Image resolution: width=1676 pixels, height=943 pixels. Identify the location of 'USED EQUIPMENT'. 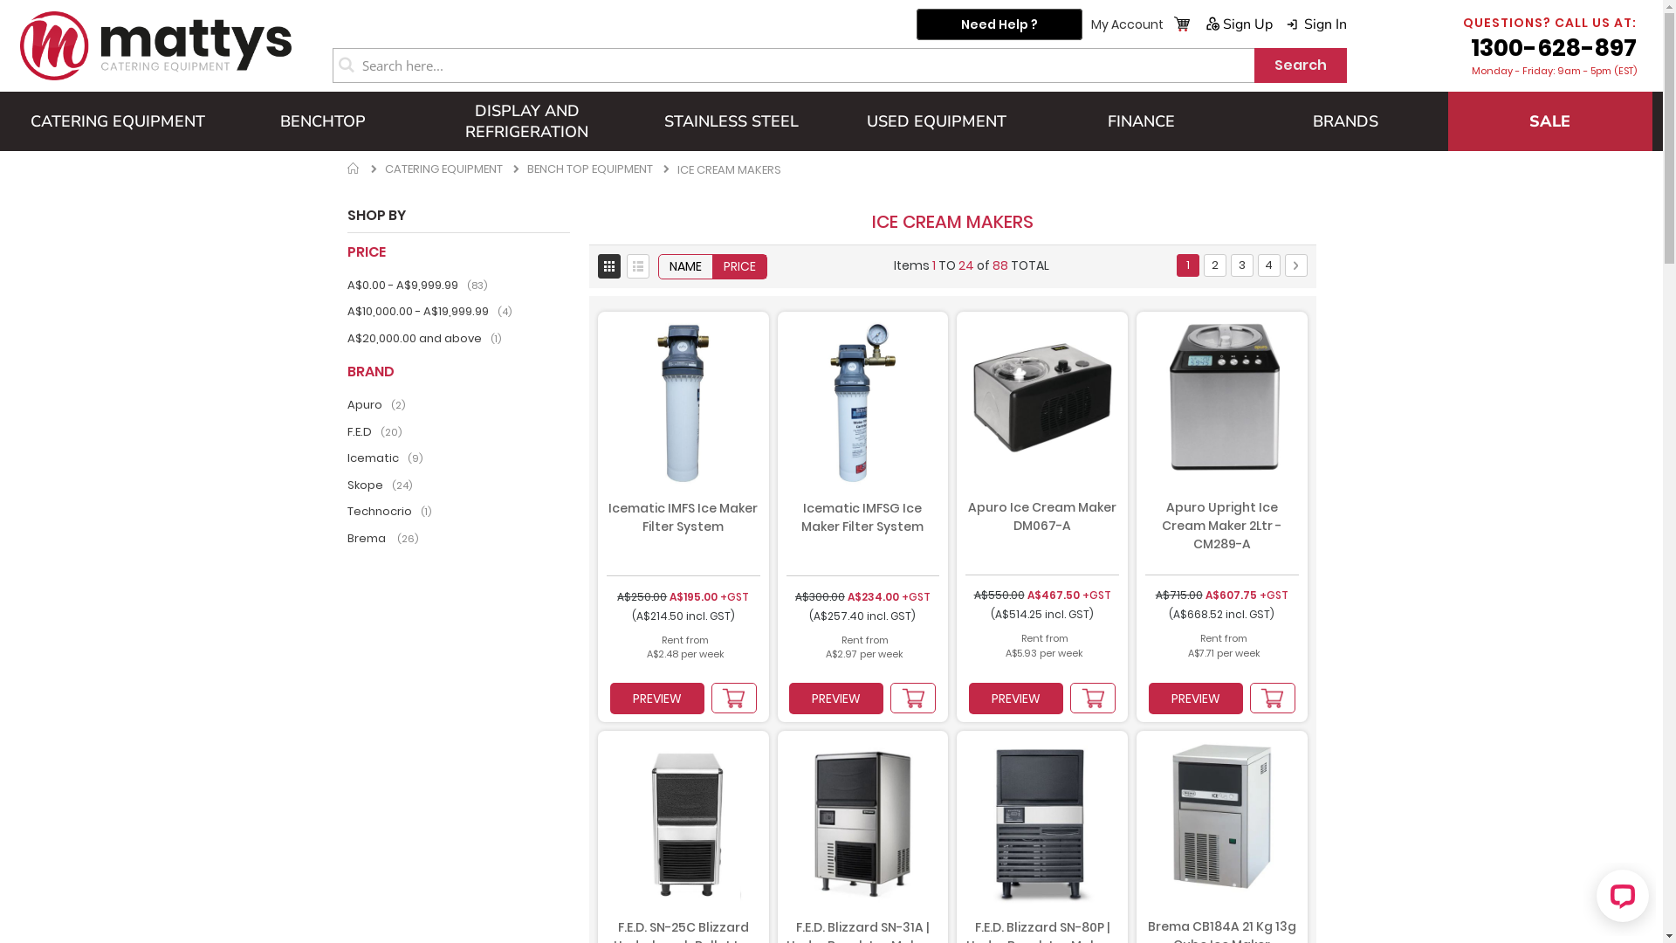
(936, 120).